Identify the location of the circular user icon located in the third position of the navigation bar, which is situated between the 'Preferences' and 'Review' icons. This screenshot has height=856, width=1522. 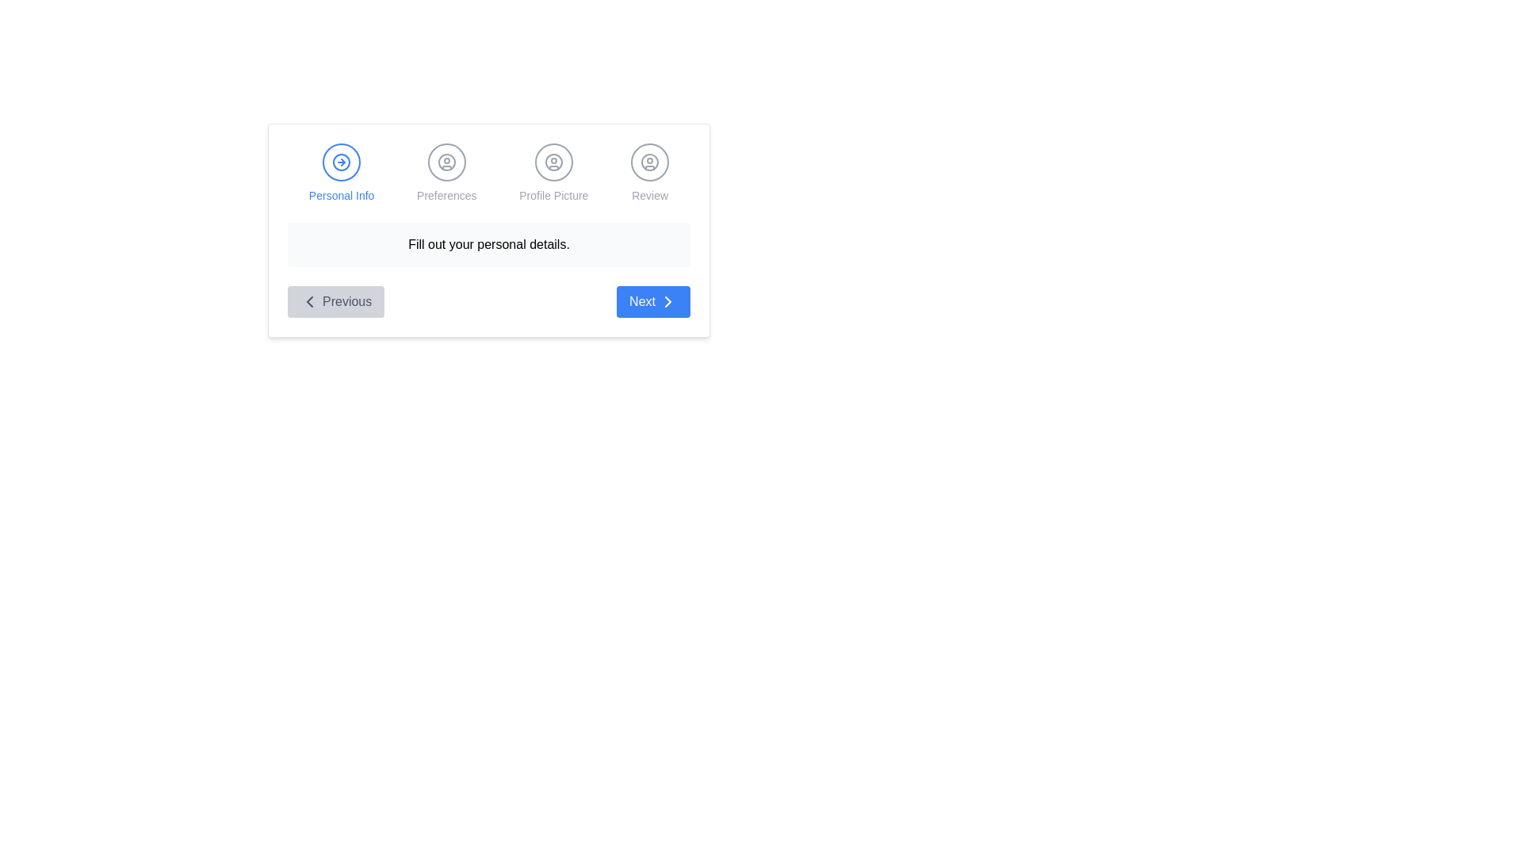
(553, 162).